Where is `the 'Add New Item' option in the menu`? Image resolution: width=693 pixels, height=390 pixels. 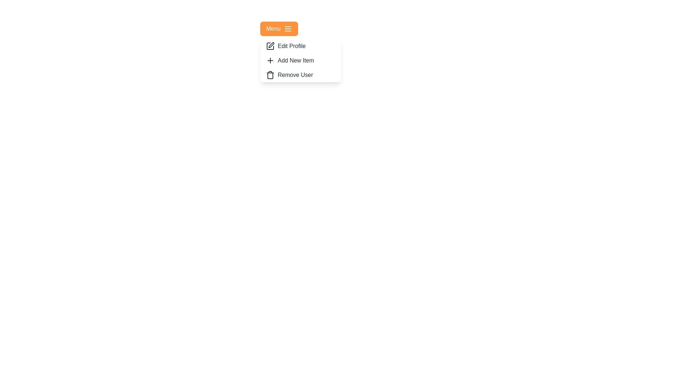 the 'Add New Item' option in the menu is located at coordinates (301, 60).